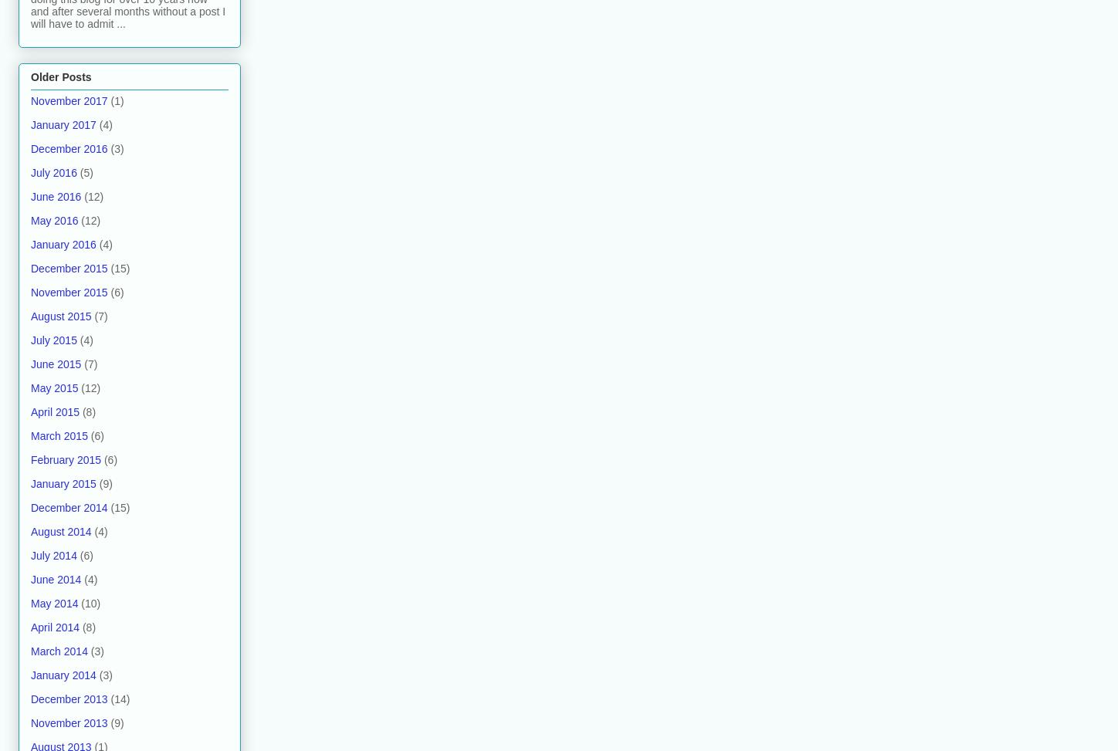  What do you see at coordinates (69, 267) in the screenshot?
I see `'December 2015'` at bounding box center [69, 267].